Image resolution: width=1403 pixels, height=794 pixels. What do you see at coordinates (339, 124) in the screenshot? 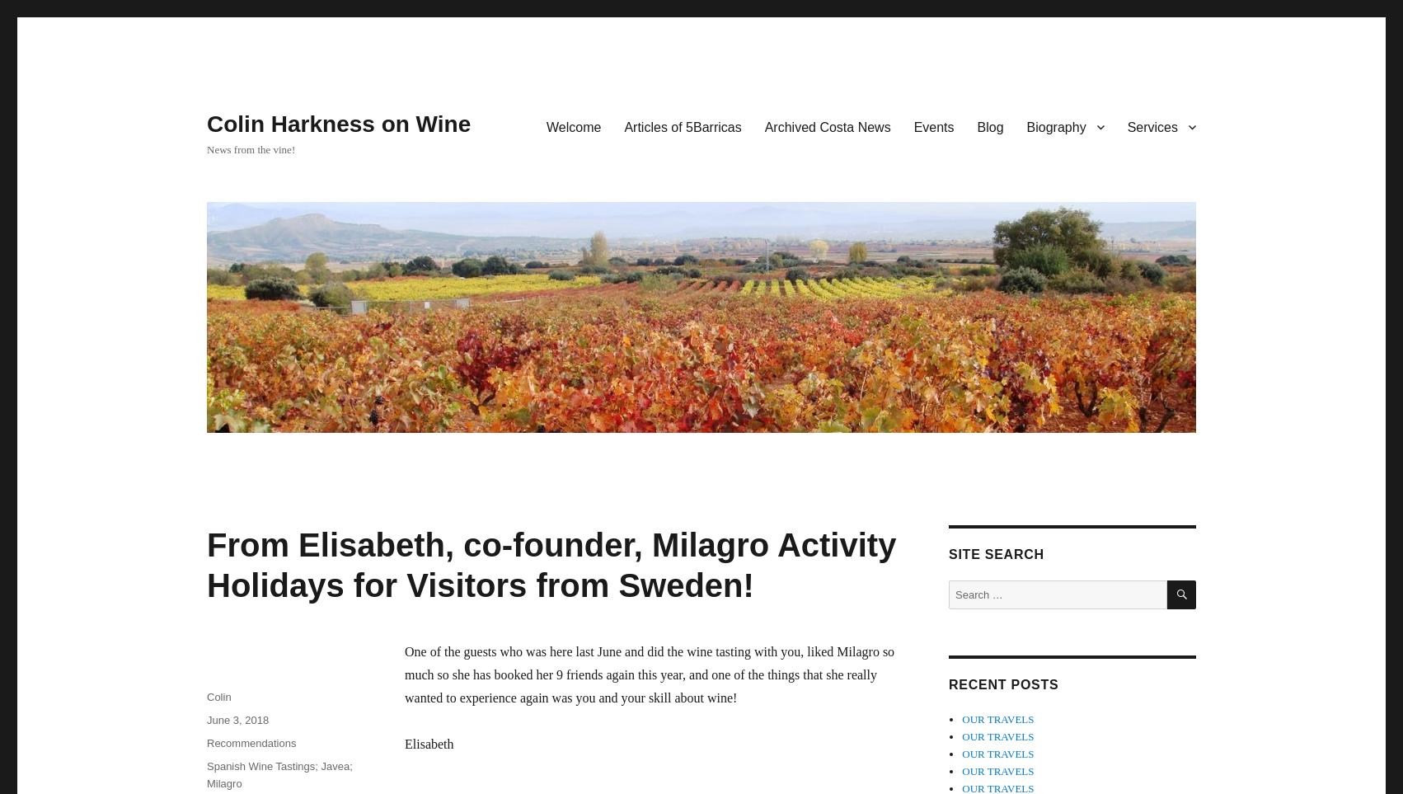
I see `'Colin Harkness on Wine'` at bounding box center [339, 124].